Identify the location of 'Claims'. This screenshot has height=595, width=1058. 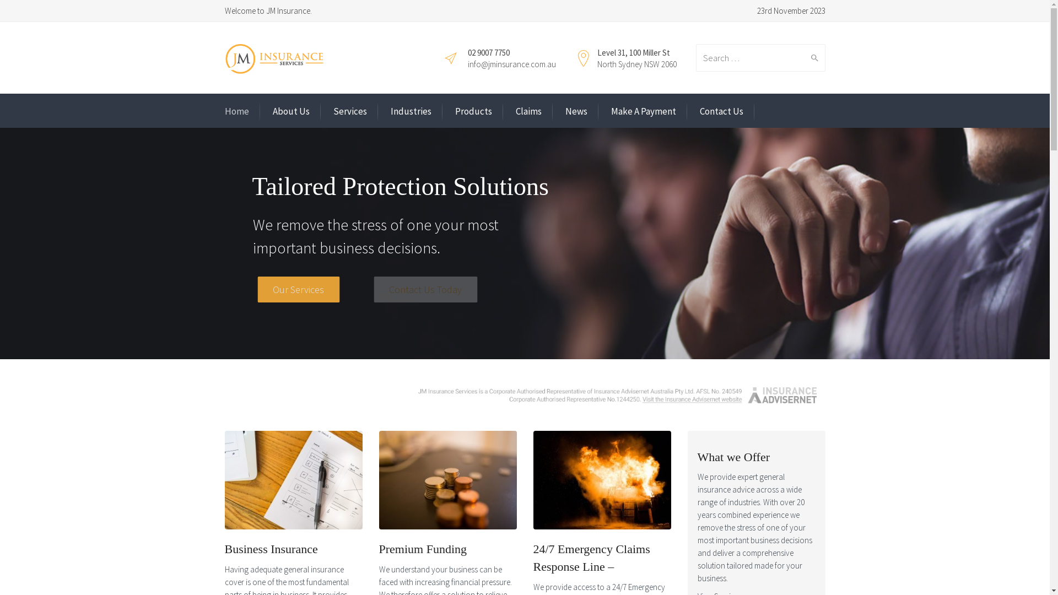
(528, 111).